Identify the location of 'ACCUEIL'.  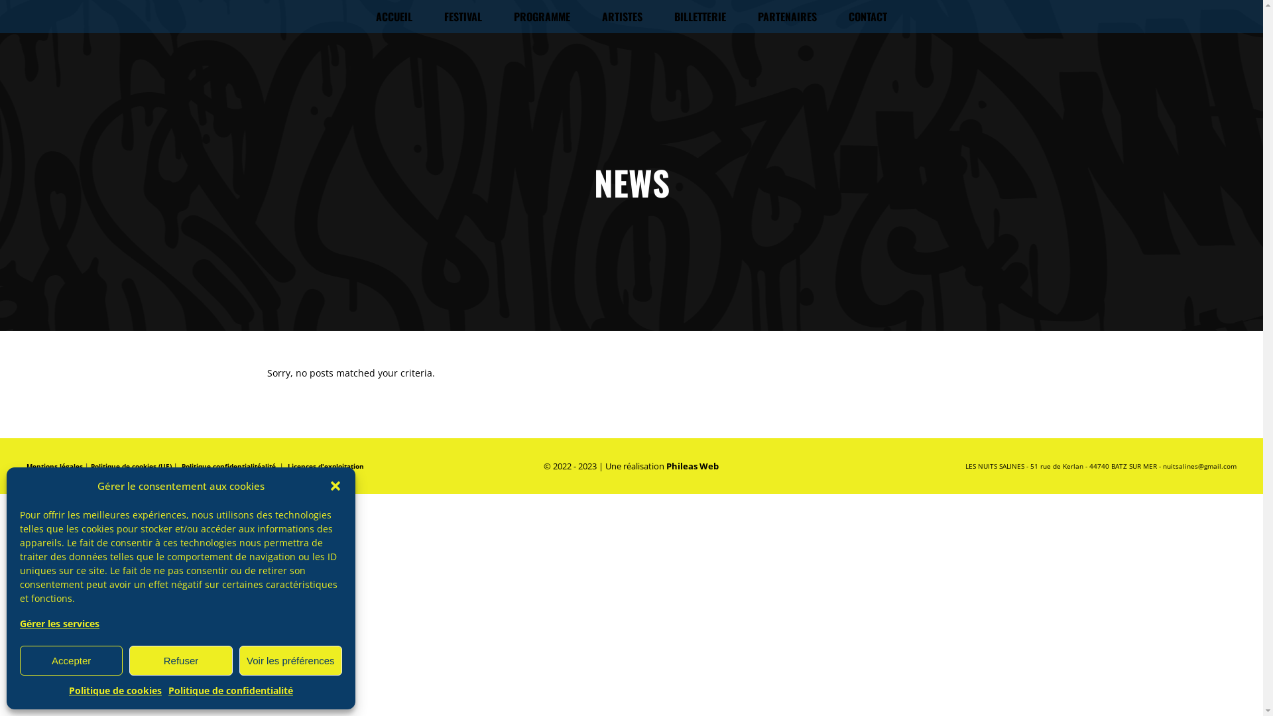
(359, 16).